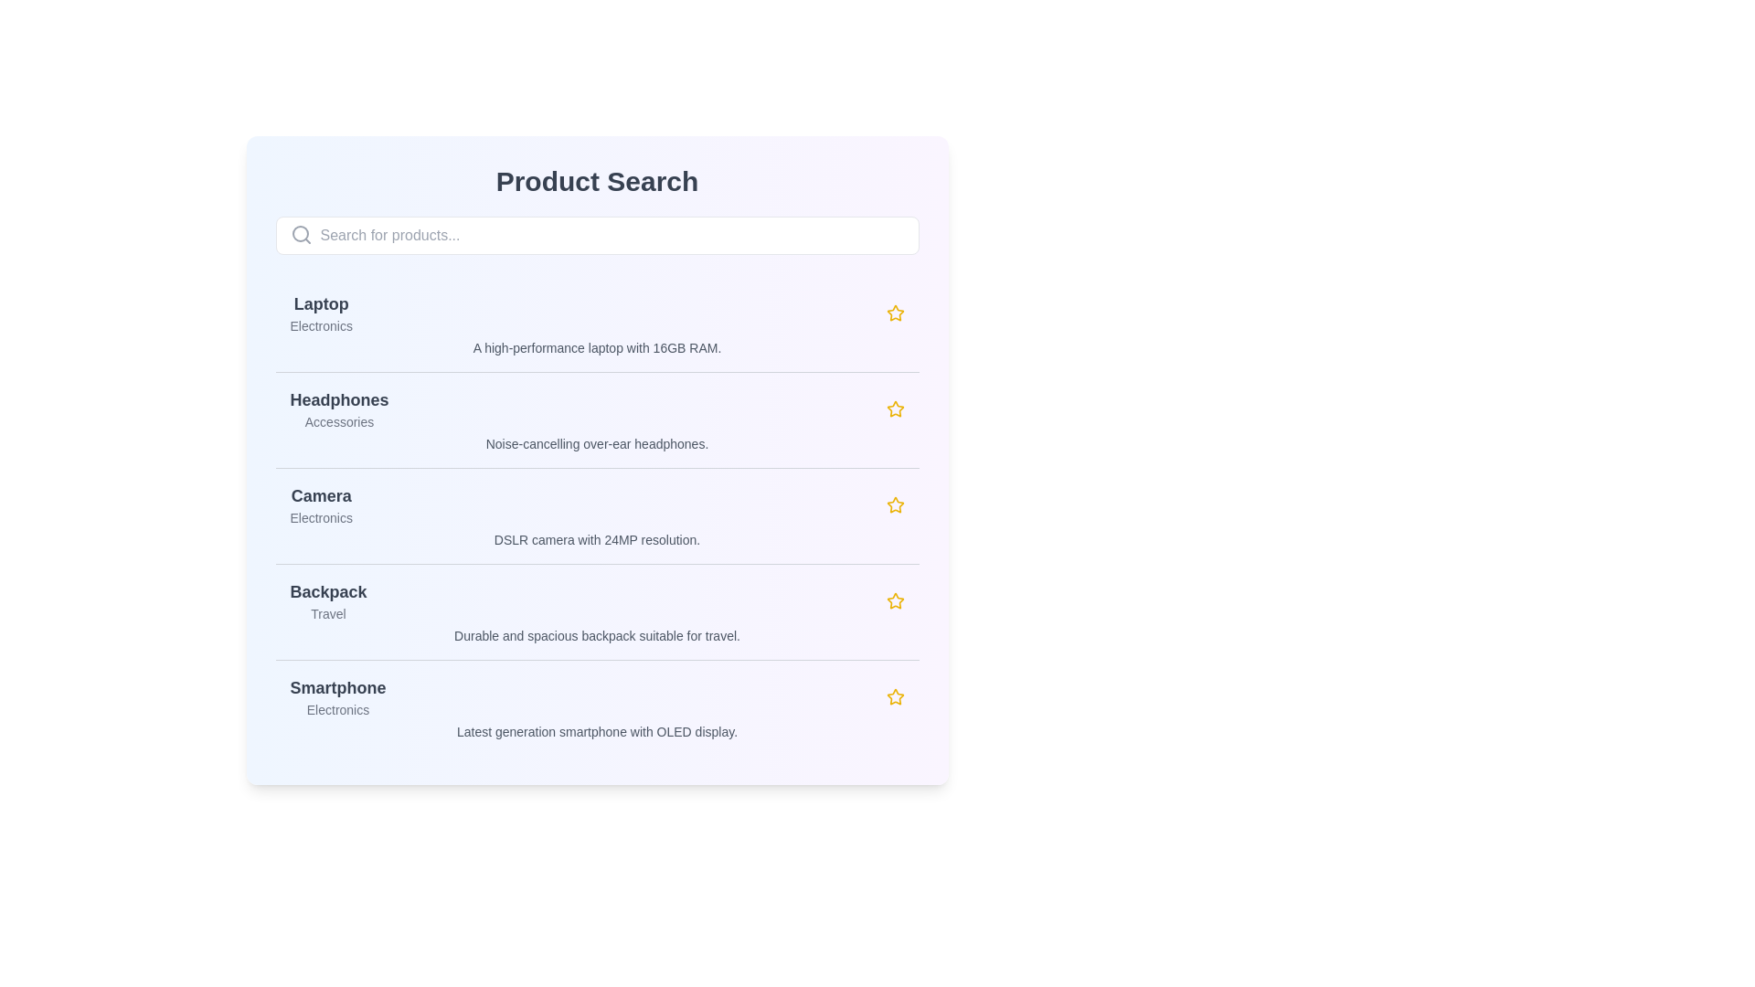  I want to click on the inner circle of the magnifying glass icon, which is part of the search bar located in the upper-left corner, so click(300, 232).